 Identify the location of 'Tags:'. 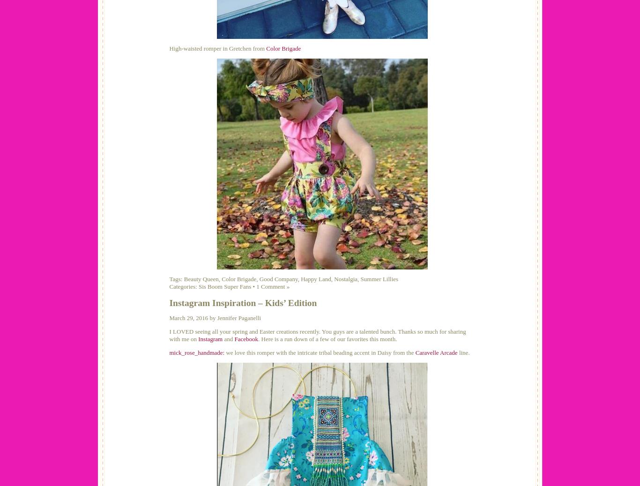
(176, 279).